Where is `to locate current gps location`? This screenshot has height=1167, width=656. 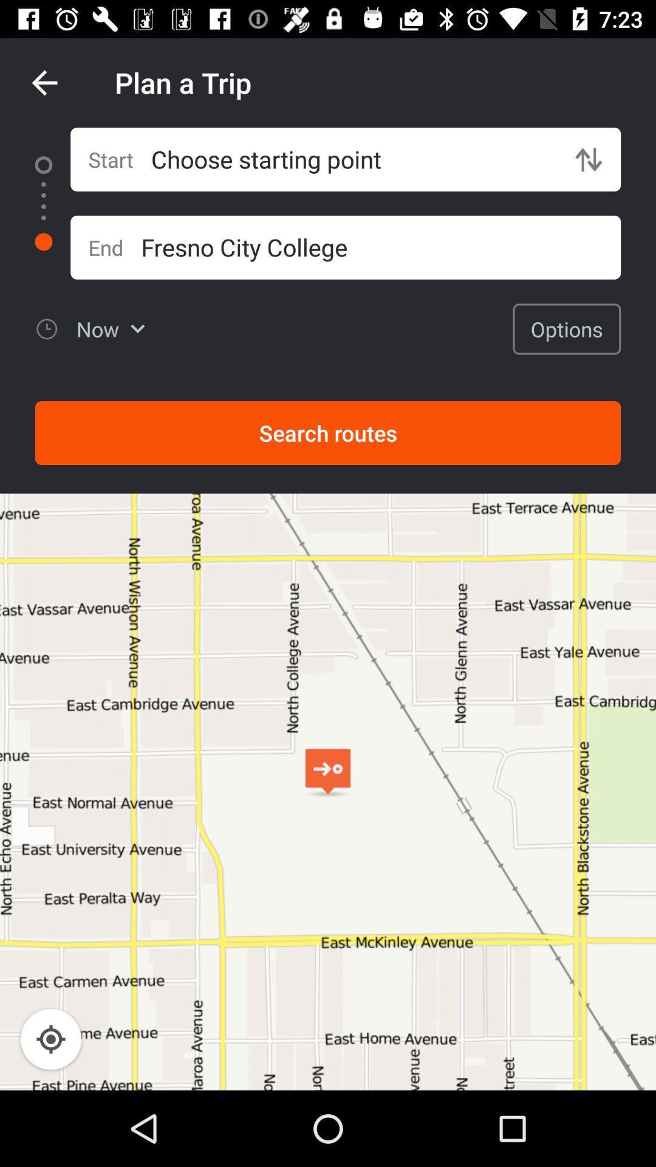 to locate current gps location is located at coordinates (50, 1038).